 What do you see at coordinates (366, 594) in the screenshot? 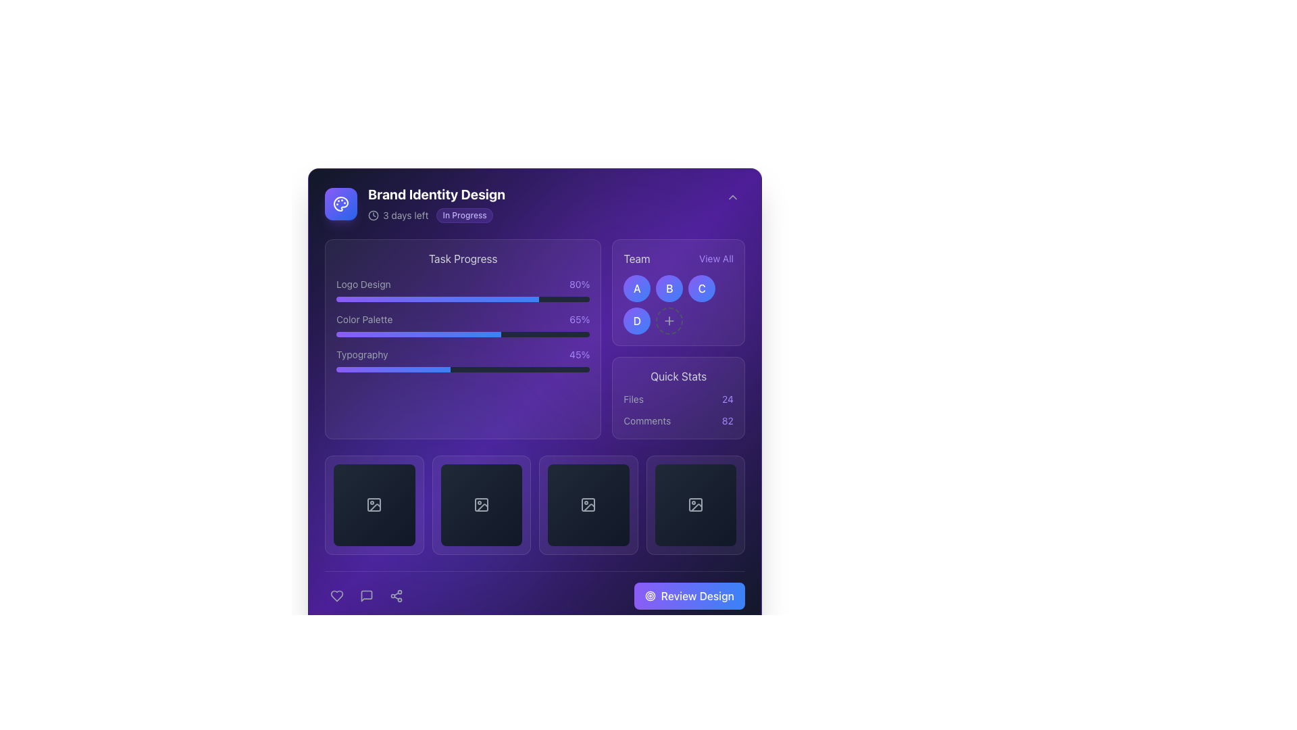
I see `the chat or comment bubble icon located in the bottom bar, which is situated between the heart icon and the share icon` at bounding box center [366, 594].